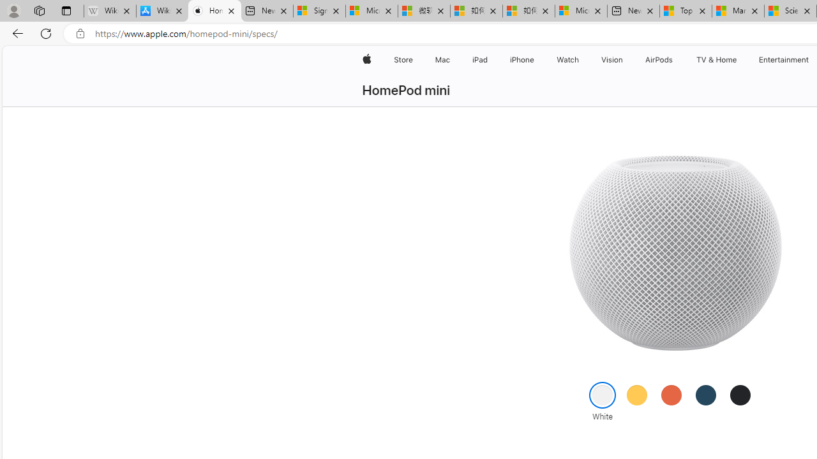  What do you see at coordinates (452, 59) in the screenshot?
I see `'Mac menu'` at bounding box center [452, 59].